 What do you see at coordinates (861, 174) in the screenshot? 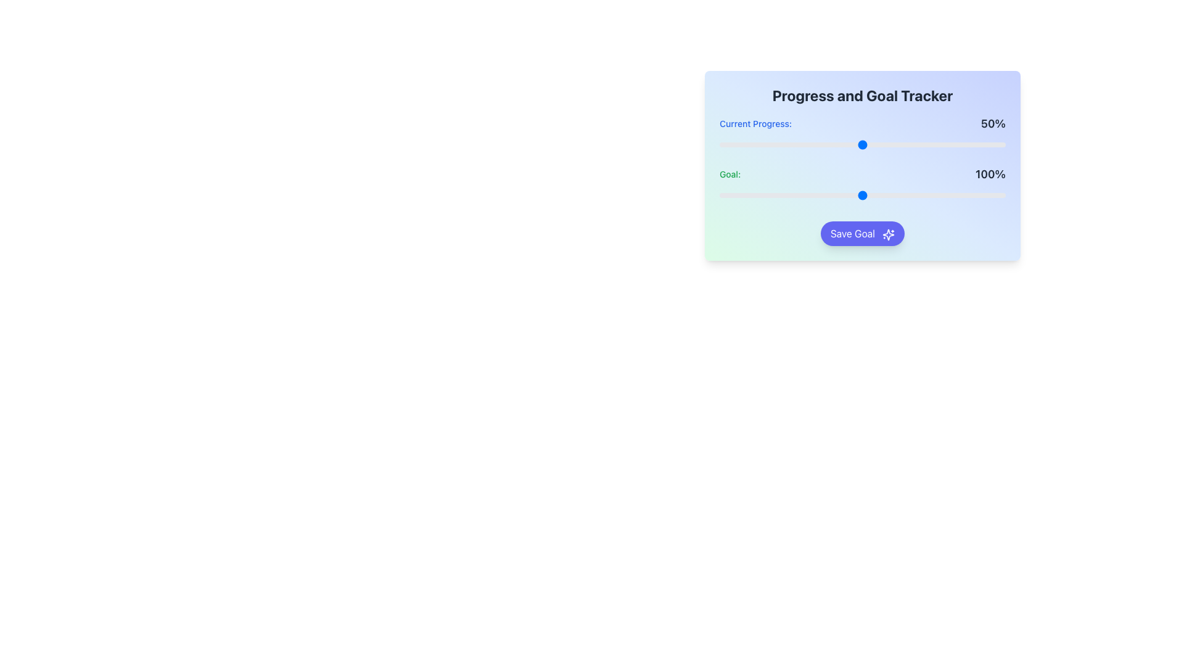
I see `the 'Goal:' text display which shows the percentage value '100%' in bold, located in the third row of the progress tracker interface` at bounding box center [861, 174].